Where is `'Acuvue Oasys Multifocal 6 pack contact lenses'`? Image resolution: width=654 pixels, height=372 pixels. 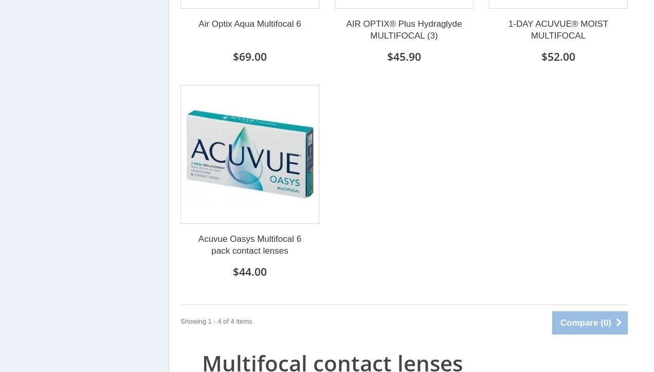
'Acuvue Oasys Multifocal 6 pack contact lenses' is located at coordinates (249, 244).